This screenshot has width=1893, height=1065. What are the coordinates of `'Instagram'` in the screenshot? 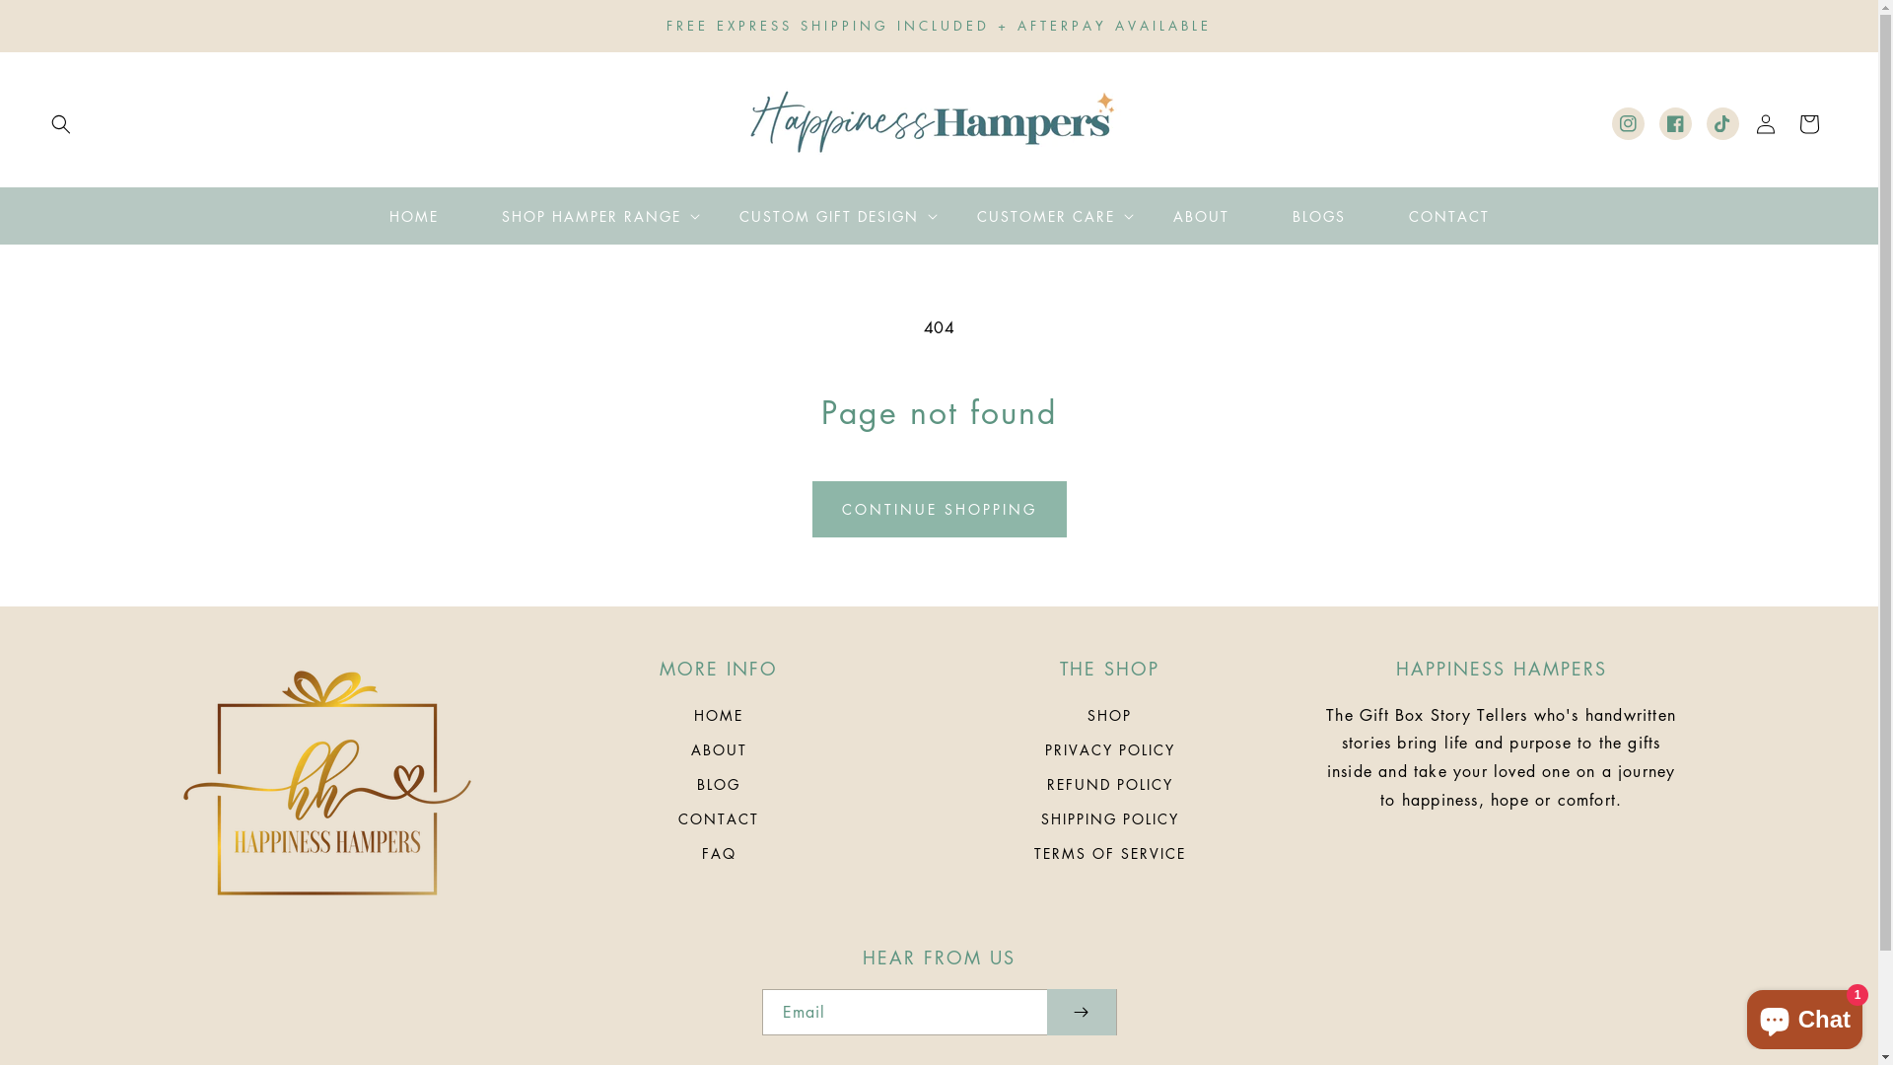 It's located at (1628, 123).